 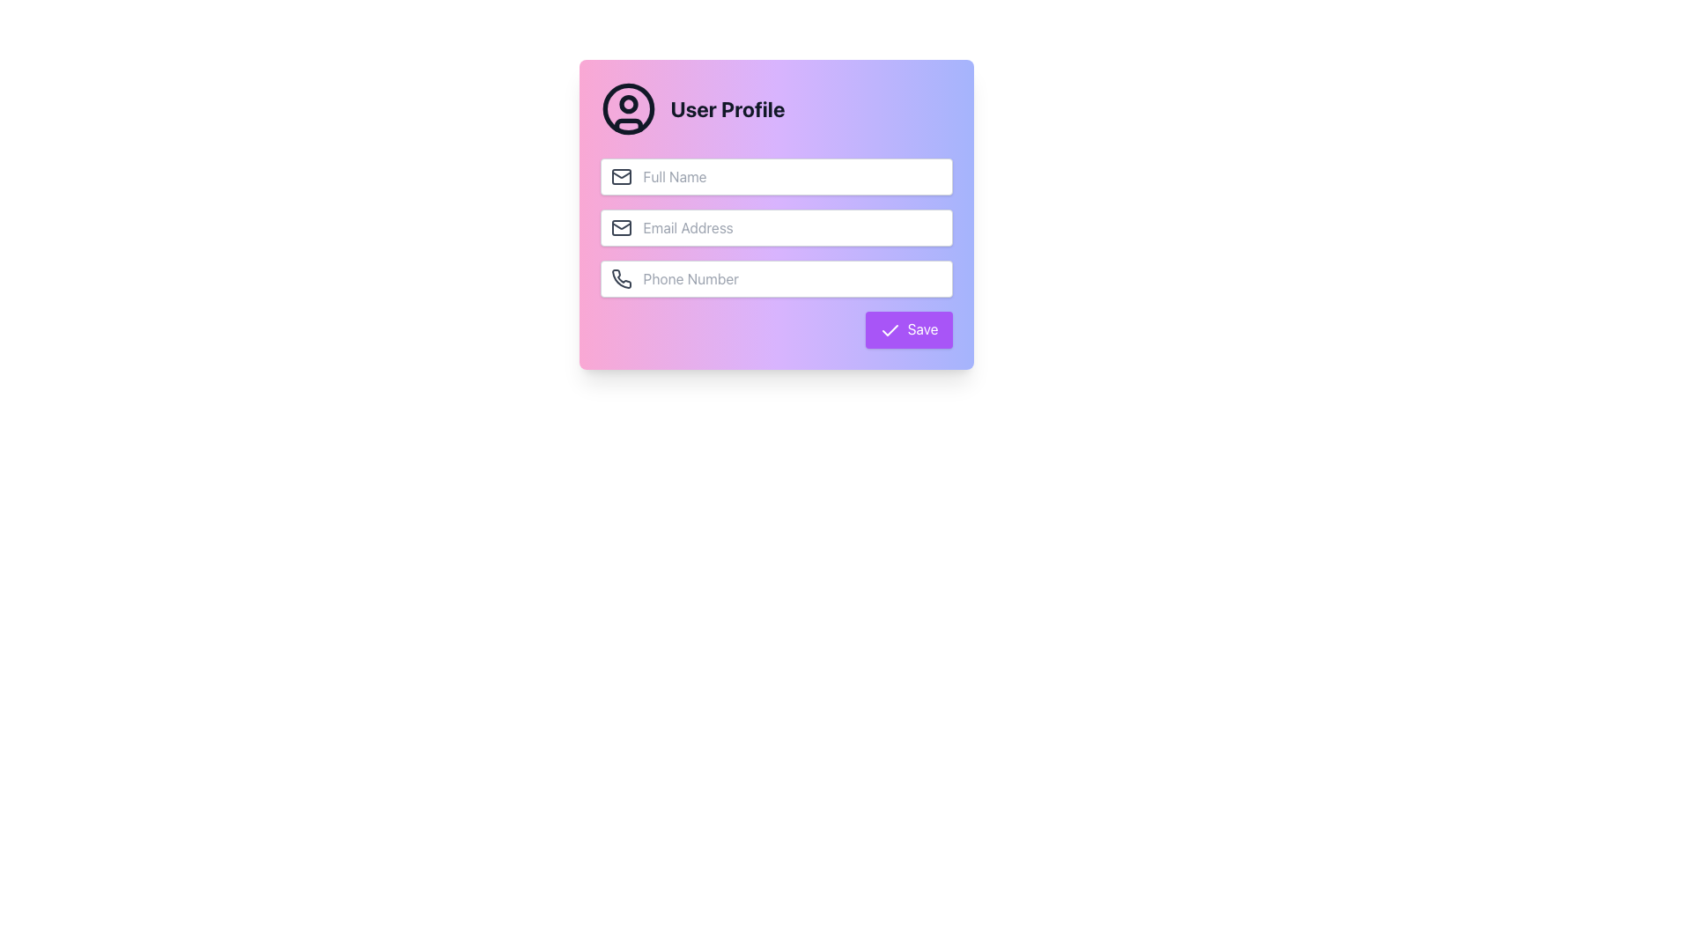 I want to click on the decorative SVG icon that visually indicates the purpose of the associated 'Phone Number' input field, located to the left side of the input box, so click(x=621, y=277).